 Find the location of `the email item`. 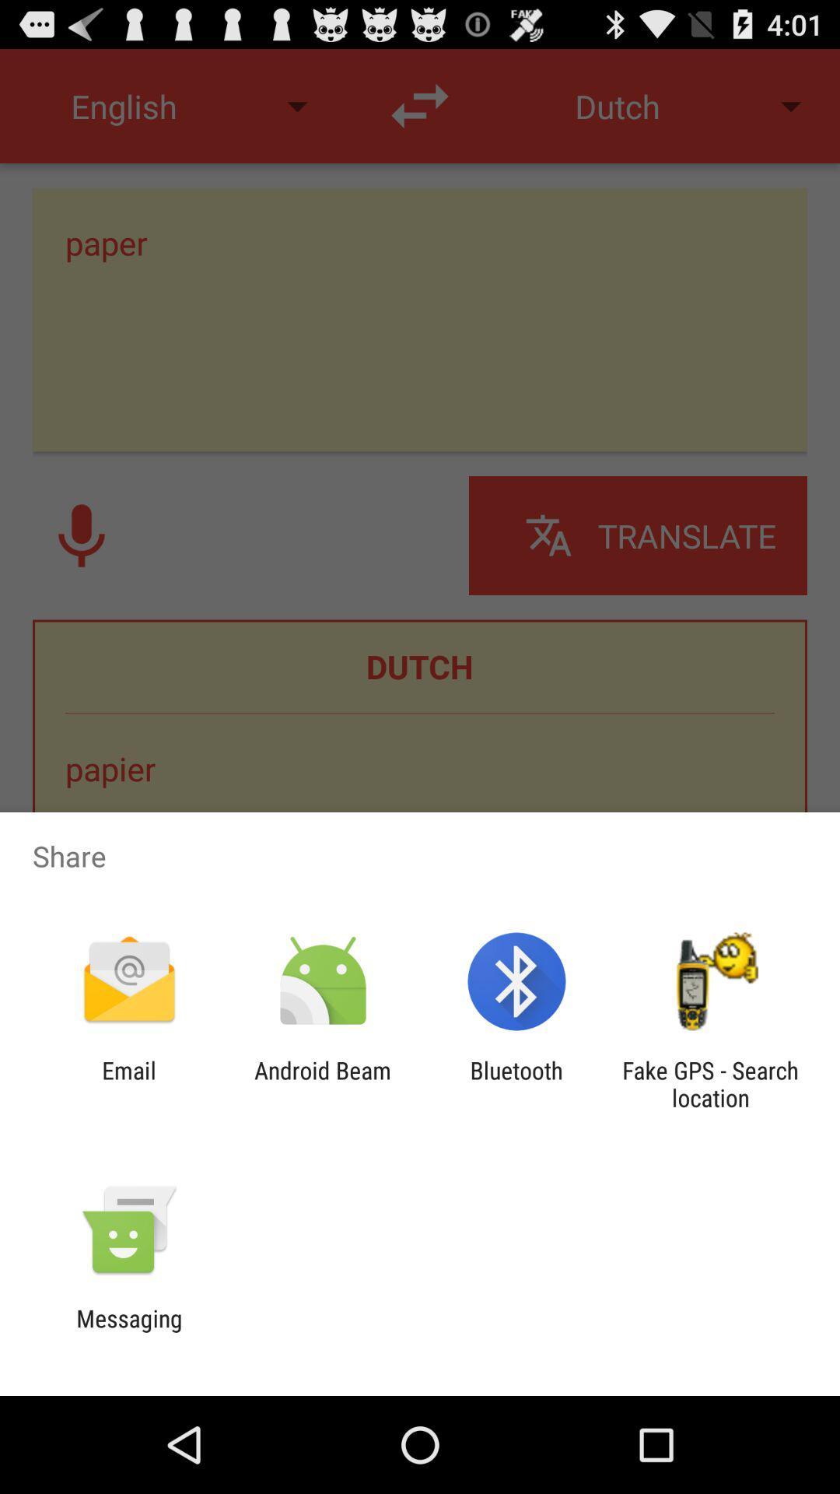

the email item is located at coordinates (128, 1083).